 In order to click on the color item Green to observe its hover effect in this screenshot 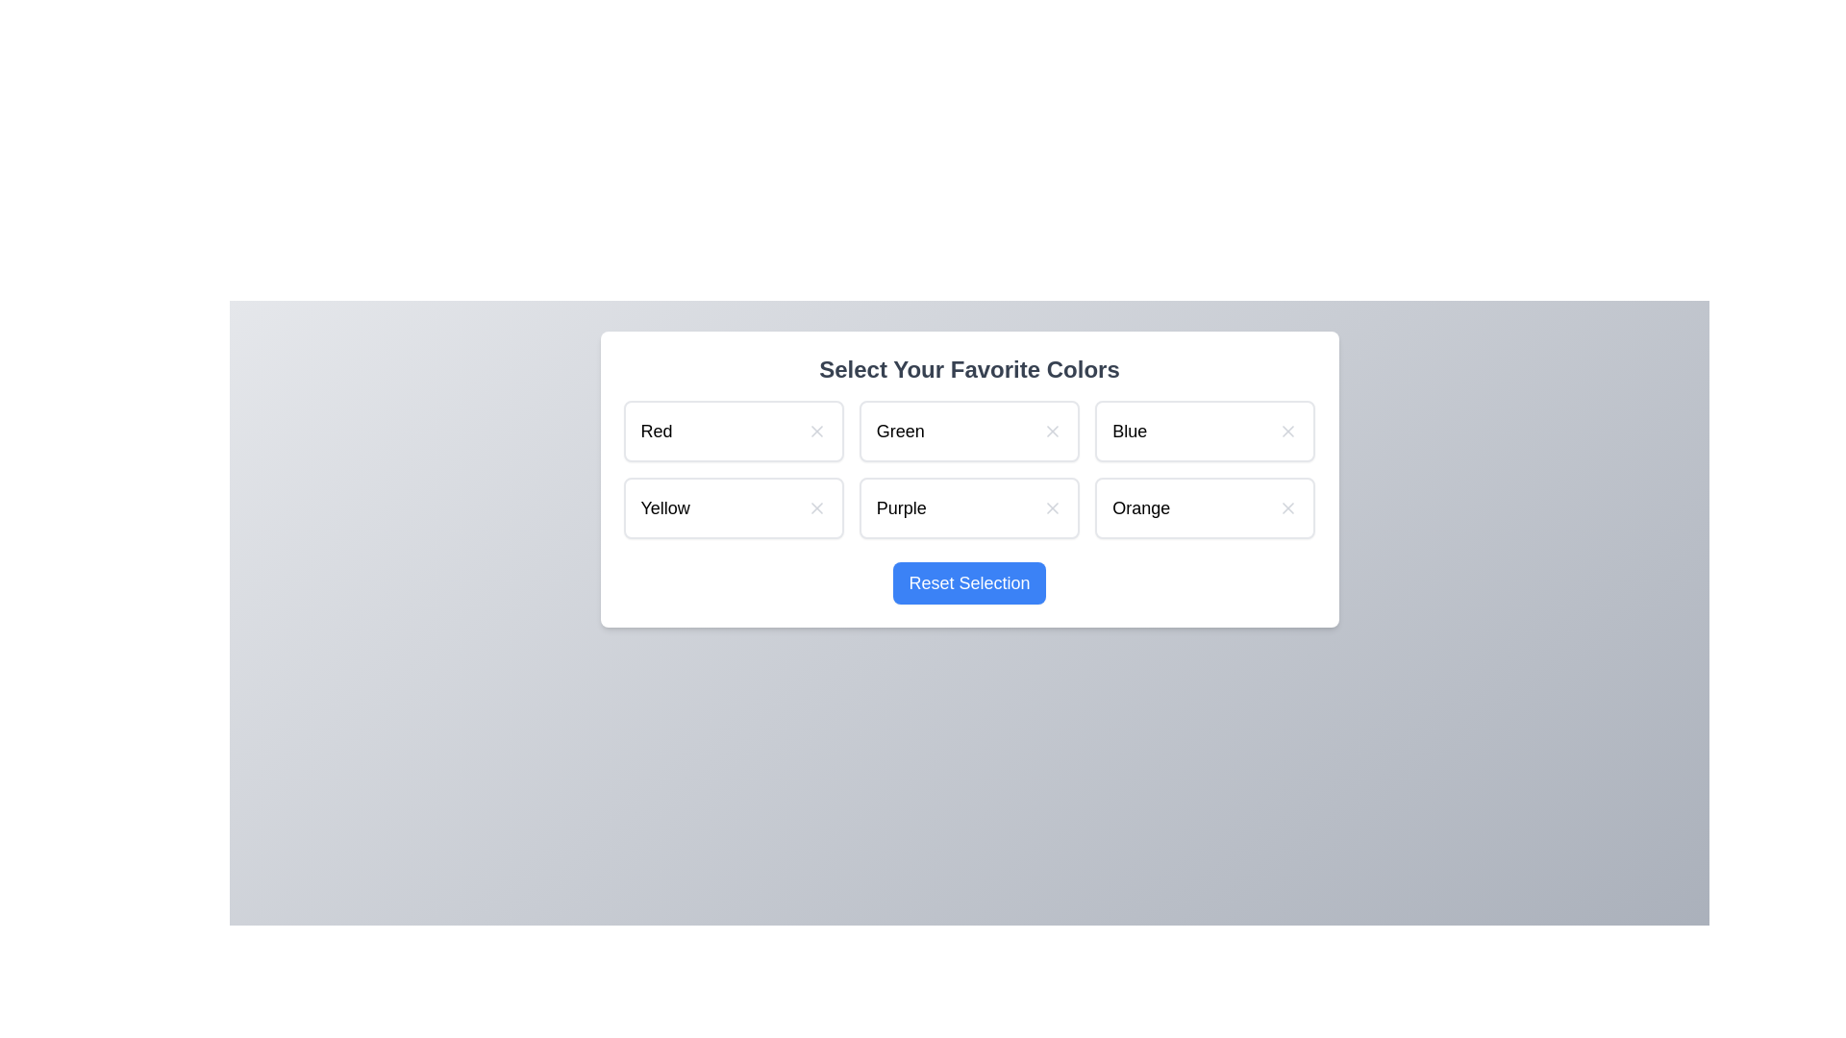, I will do `click(969, 430)`.